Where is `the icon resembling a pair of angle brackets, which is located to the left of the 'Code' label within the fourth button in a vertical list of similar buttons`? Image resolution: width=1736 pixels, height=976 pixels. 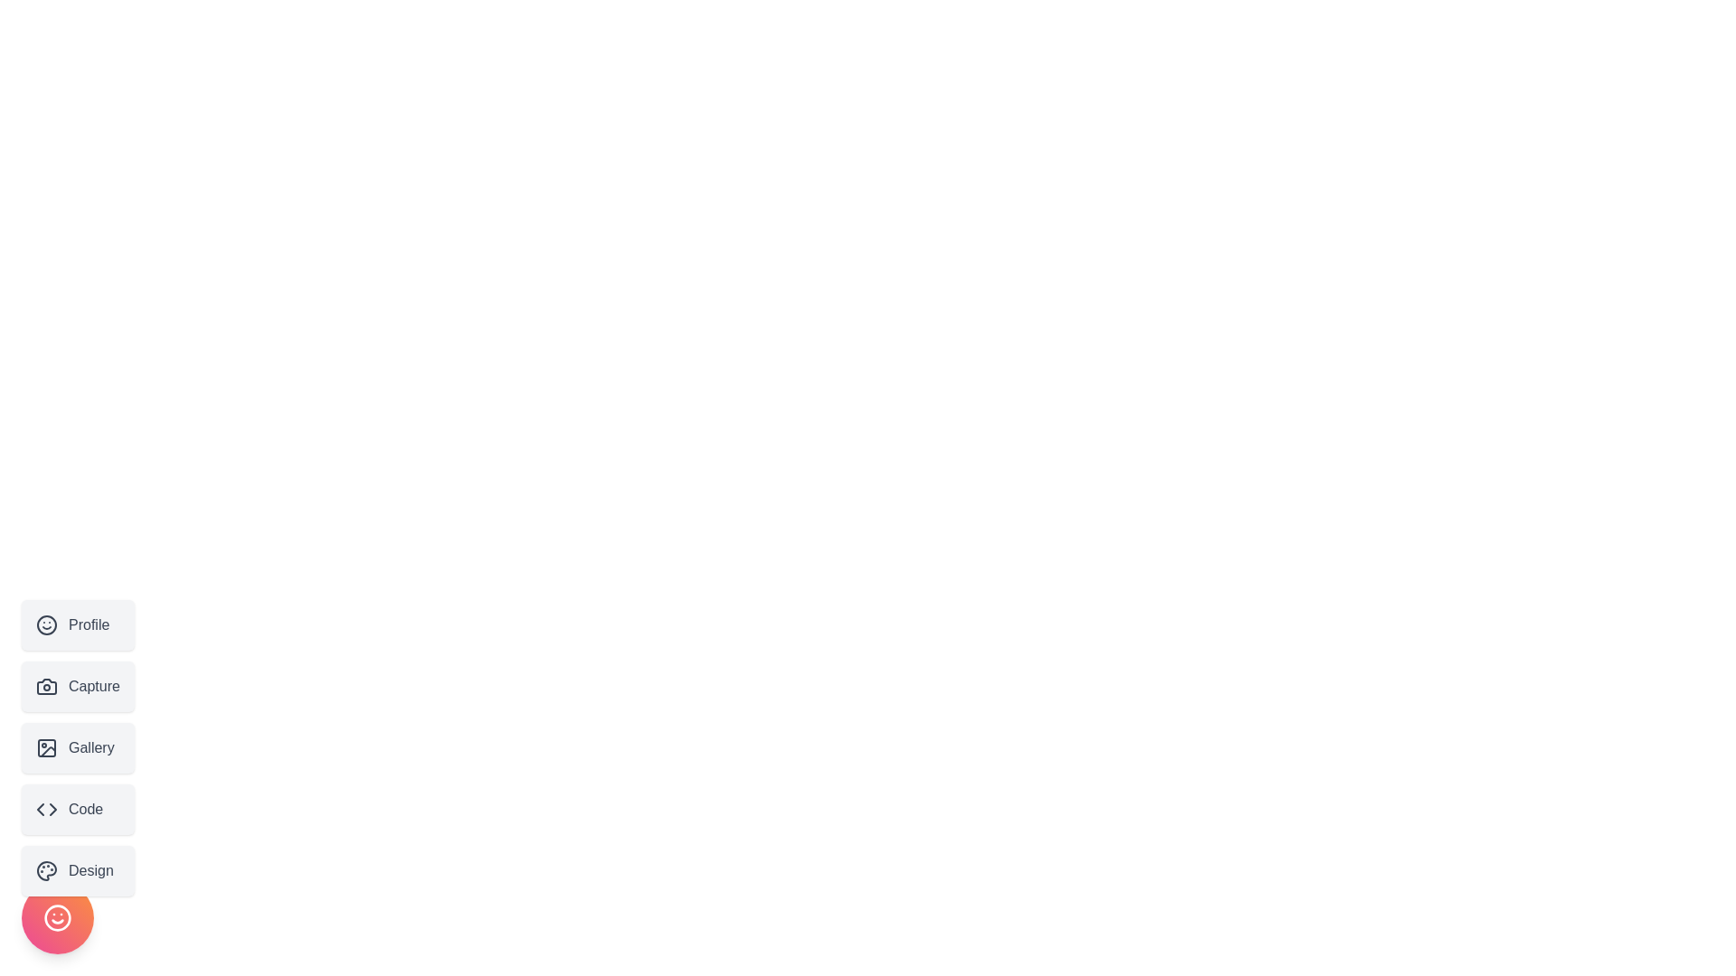
the icon resembling a pair of angle brackets, which is located to the left of the 'Code' label within the fourth button in a vertical list of similar buttons is located at coordinates (47, 808).